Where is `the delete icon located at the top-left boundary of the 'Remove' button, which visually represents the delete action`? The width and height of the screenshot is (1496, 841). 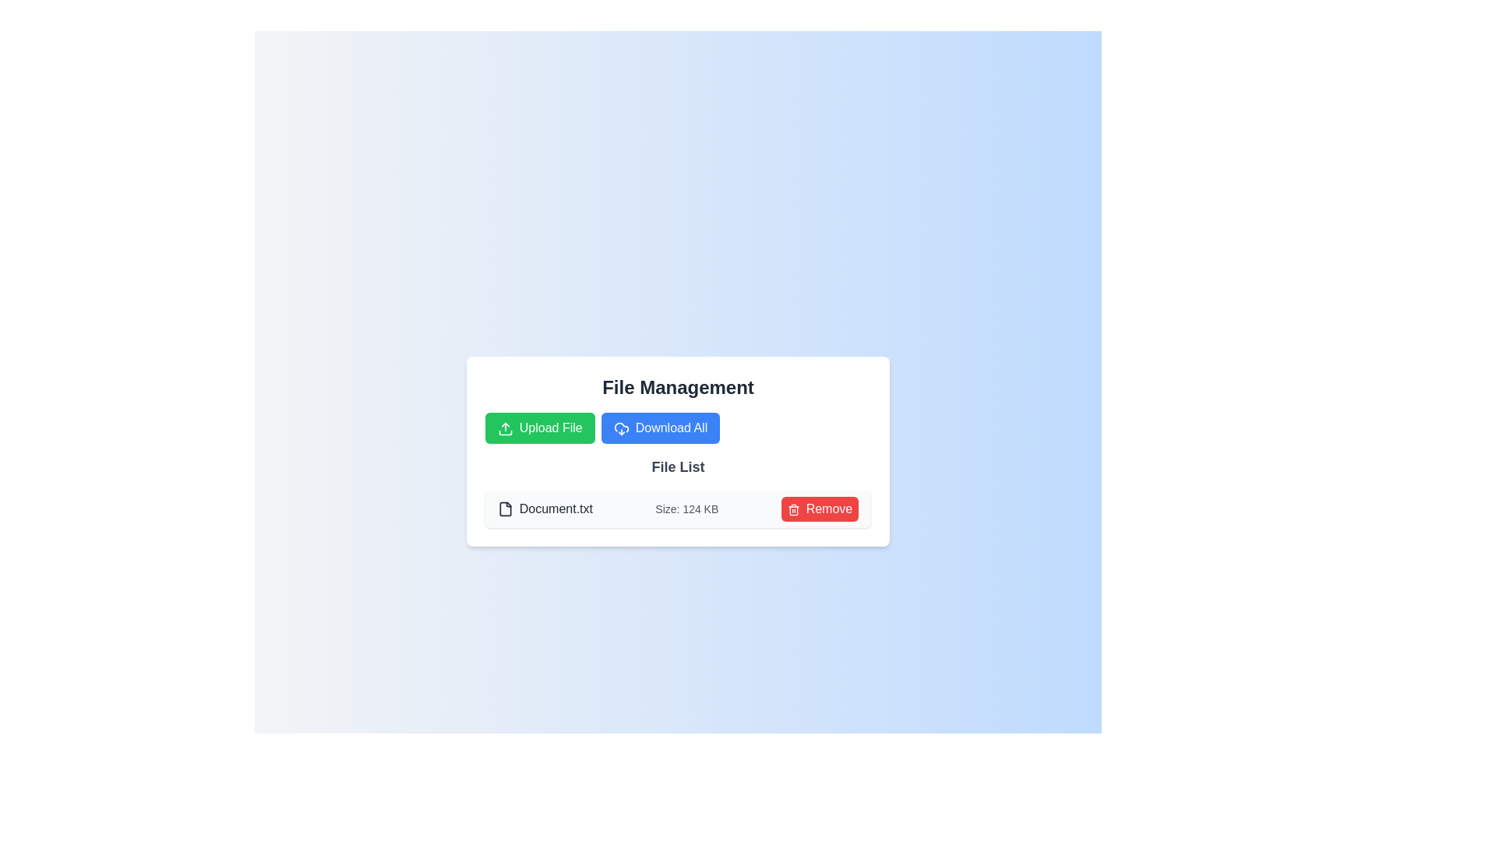 the delete icon located at the top-left boundary of the 'Remove' button, which visually represents the delete action is located at coordinates (793, 509).